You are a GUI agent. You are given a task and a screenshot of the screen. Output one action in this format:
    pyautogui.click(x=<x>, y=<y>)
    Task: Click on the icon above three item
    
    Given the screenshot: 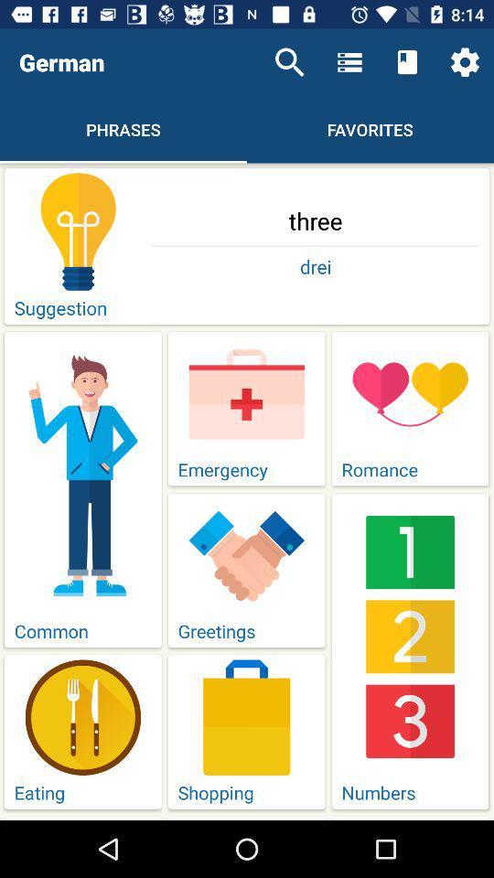 What is the action you would take?
    pyautogui.click(x=289, y=62)
    